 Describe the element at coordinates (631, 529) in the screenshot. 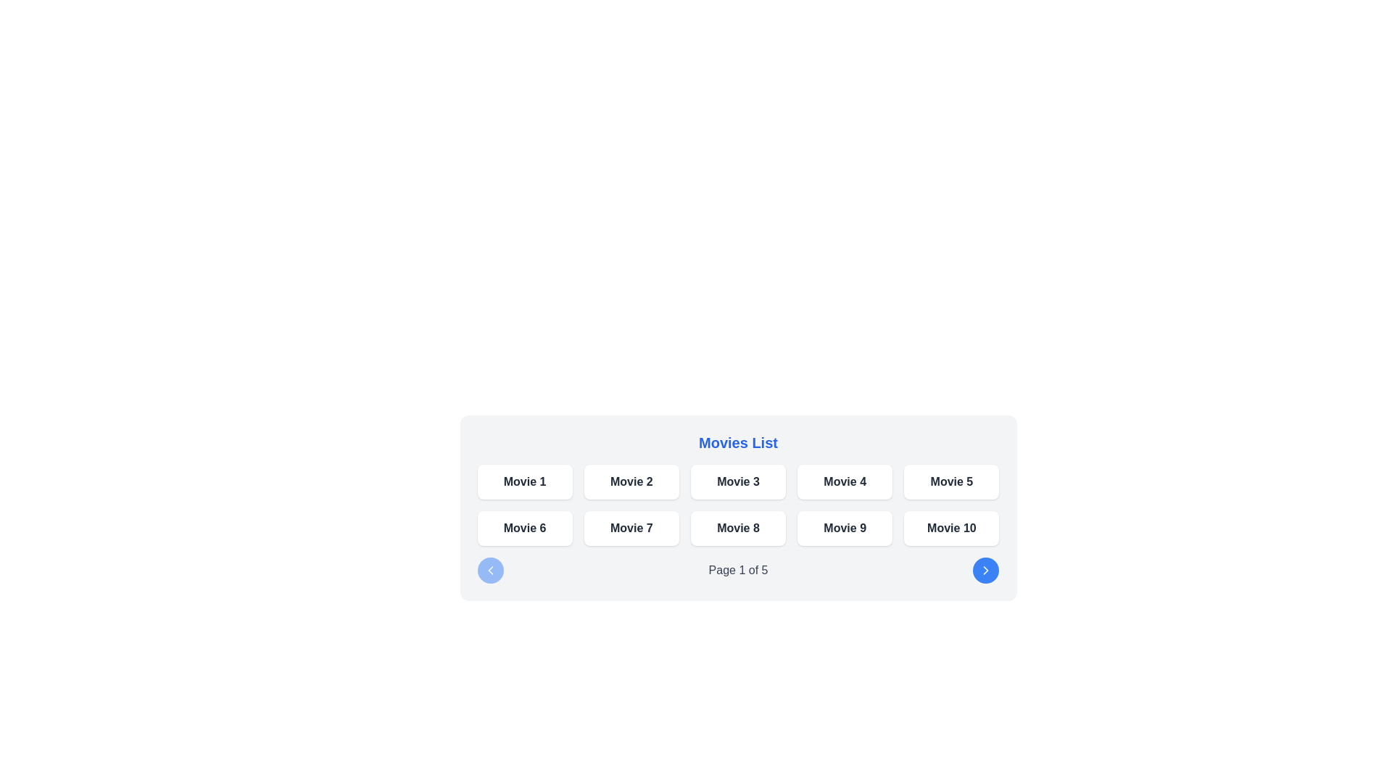

I see `or parse the text from the tile labeled 'Movie 7', which is the second tile from the left in the second row of a grid layout` at that location.